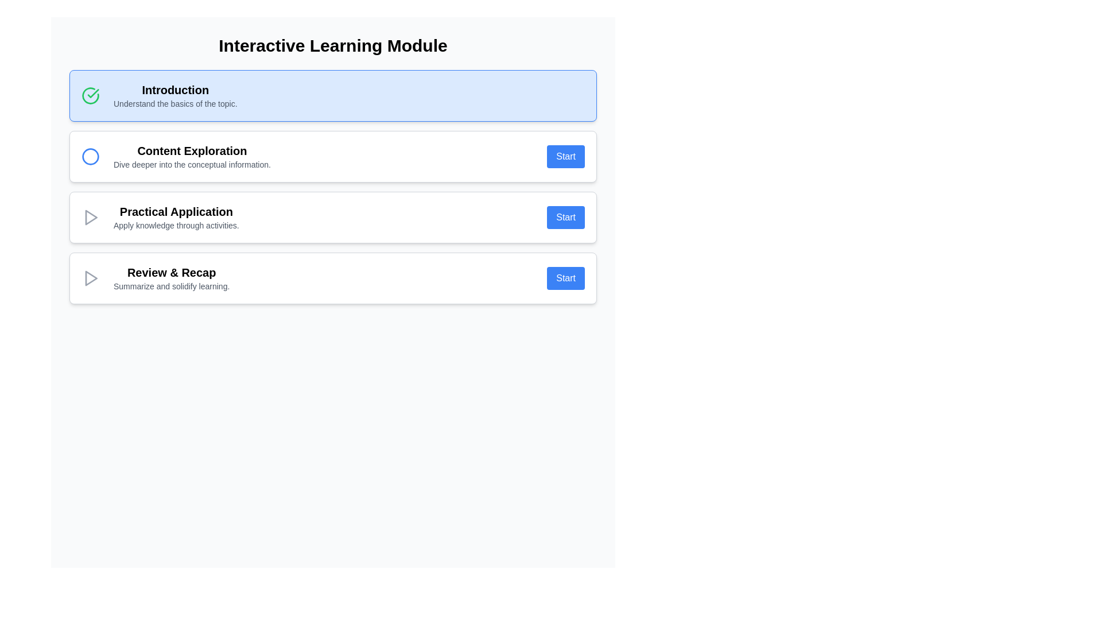 Image resolution: width=1102 pixels, height=620 pixels. I want to click on the text label that reads 'Introduction', which is styled in large, bold font and located at the top of a blue rectangular section, so click(174, 90).